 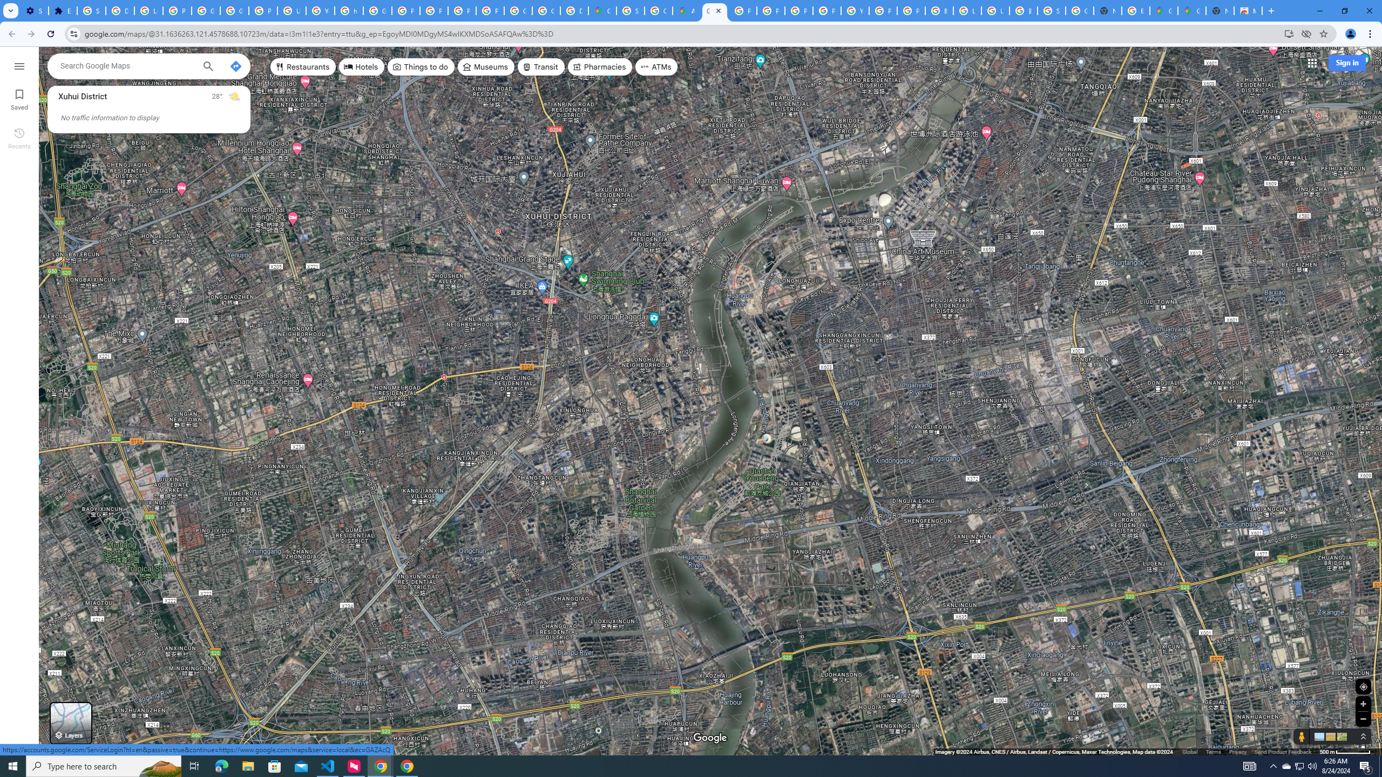 What do you see at coordinates (656, 66) in the screenshot?
I see `'ATMs'` at bounding box center [656, 66].